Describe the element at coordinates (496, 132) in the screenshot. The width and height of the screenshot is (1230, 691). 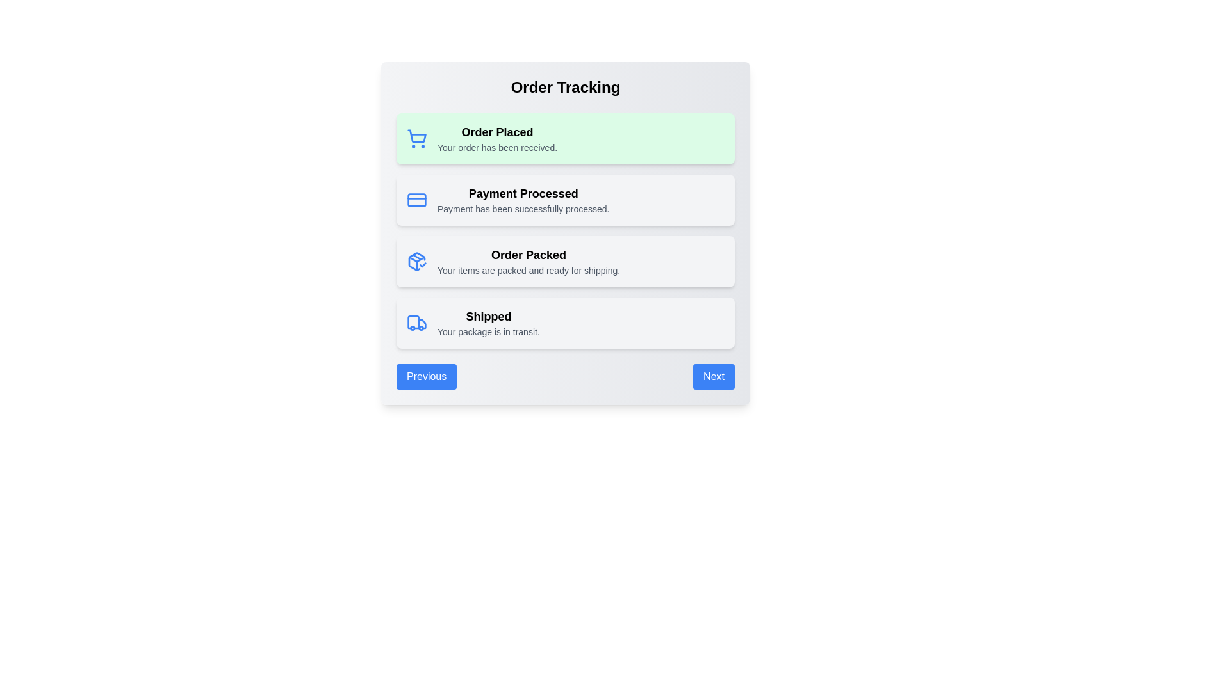
I see `the 'Order Placed' text label, which is displayed in a bold font within a green rectangular area in the order tracking interface` at that location.